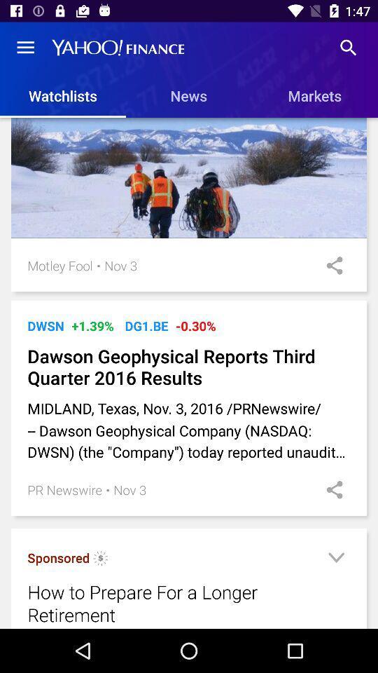 The image size is (378, 673). Describe the element at coordinates (335, 559) in the screenshot. I see `toggles expansion of sponsored content` at that location.